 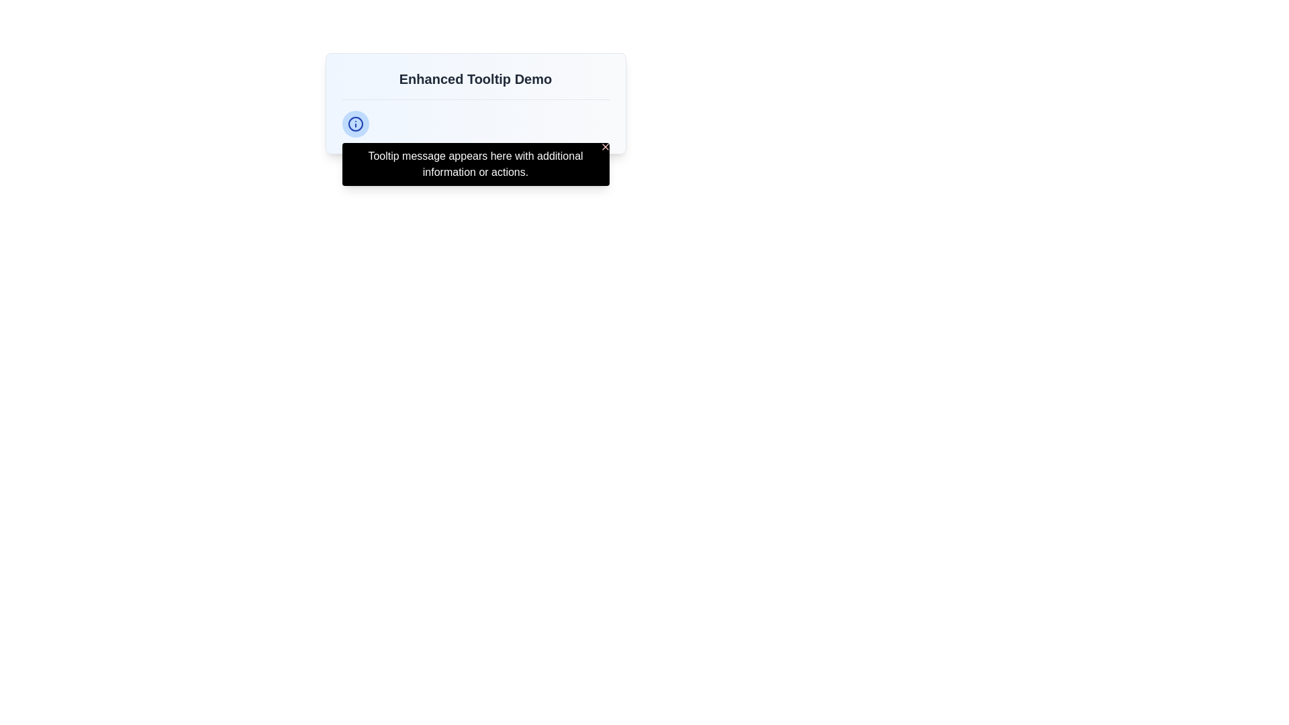 I want to click on the information icon located within a circular button to the left of the text label in the header section labeled 'Enhanced Tooltip Demo', so click(x=355, y=124).